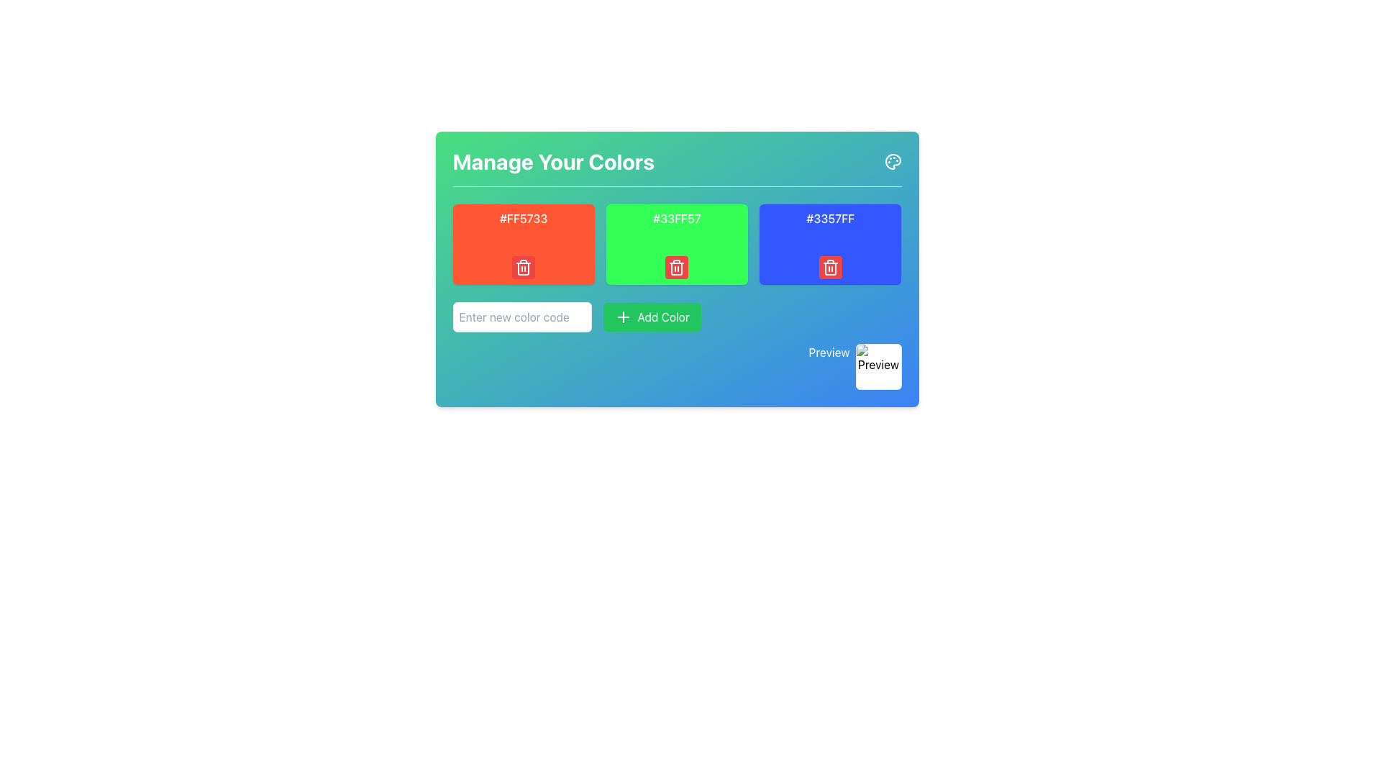  I want to click on the 'Add Color' button, which contains a text label providing information for the button's functionality, so click(662, 316).